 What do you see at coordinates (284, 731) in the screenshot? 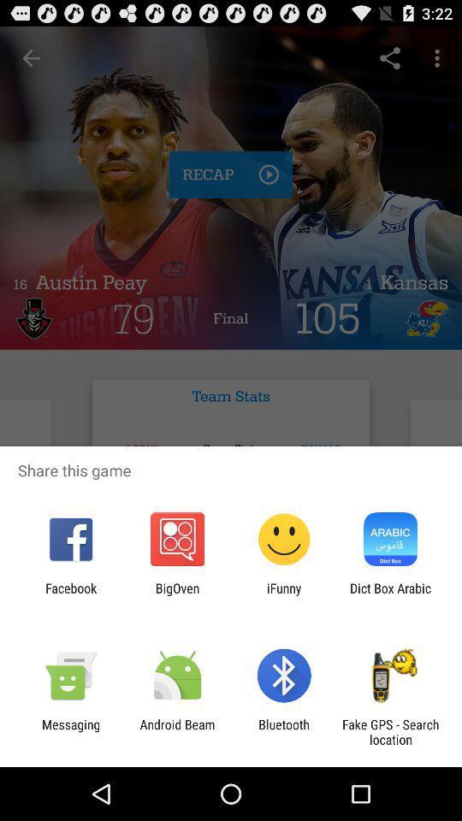
I see `item to the right of the android beam item` at bounding box center [284, 731].